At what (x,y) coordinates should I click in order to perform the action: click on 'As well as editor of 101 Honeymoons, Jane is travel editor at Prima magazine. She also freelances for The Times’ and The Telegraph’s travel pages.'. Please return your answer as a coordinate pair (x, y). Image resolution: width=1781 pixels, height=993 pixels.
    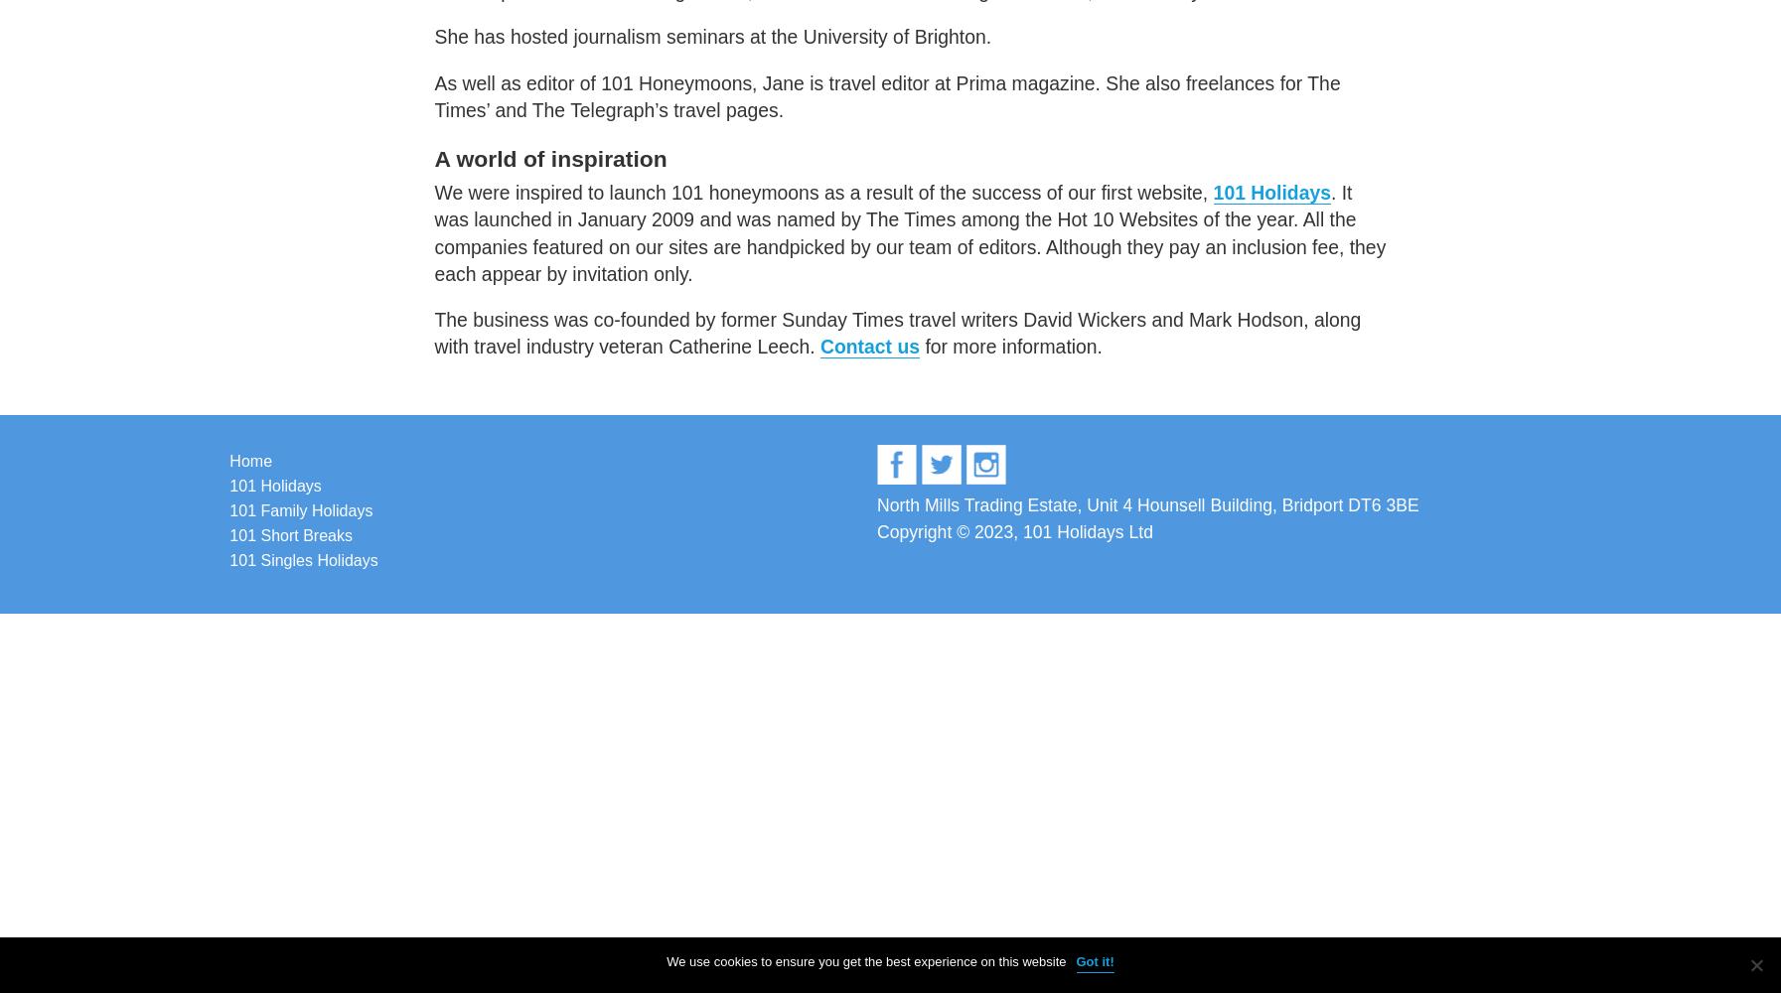
    Looking at the image, I should click on (885, 94).